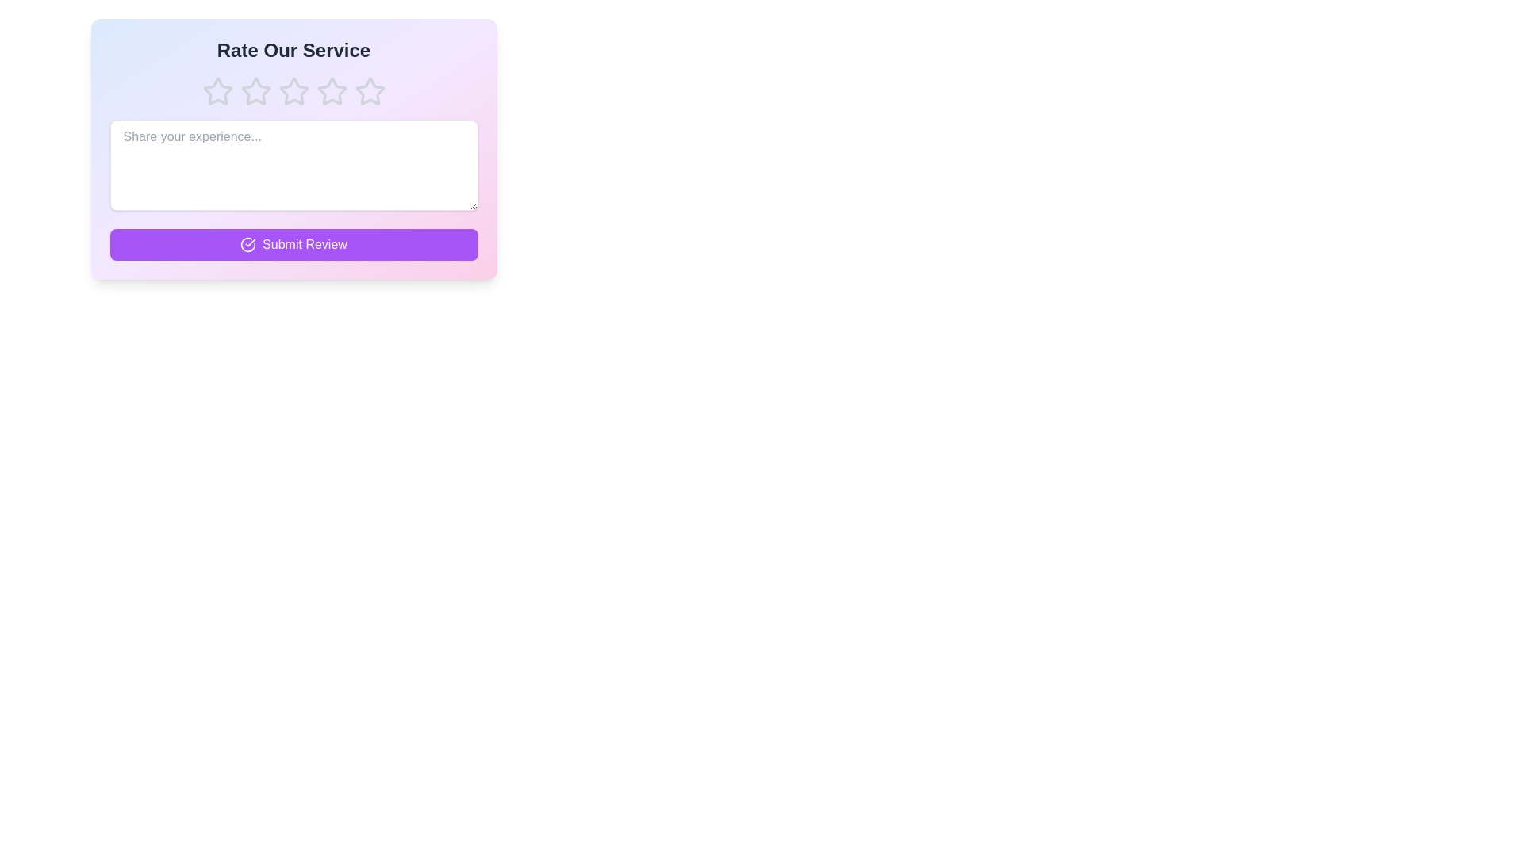  I want to click on the star corresponding to 1 to preview the rating, so click(217, 91).